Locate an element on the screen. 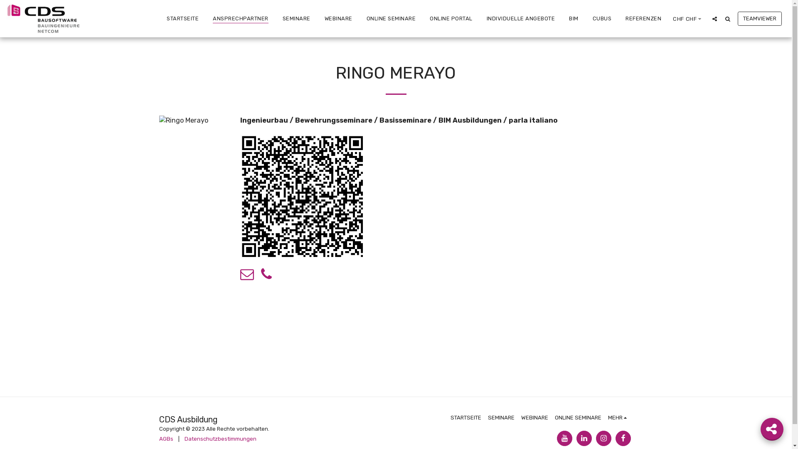 This screenshot has width=798, height=449. 'INDIVIDUELLE ANGEBOTE' is located at coordinates (520, 18).